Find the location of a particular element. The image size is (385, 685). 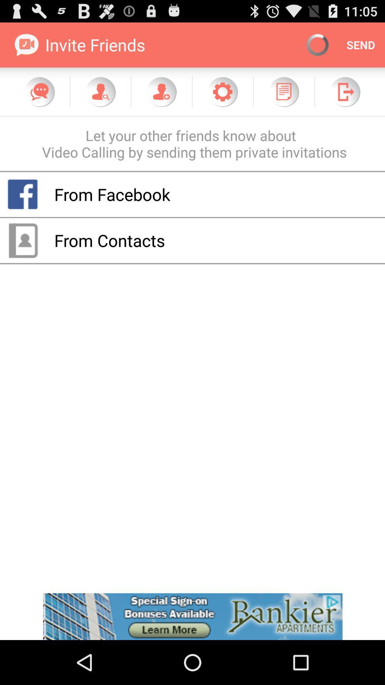

switch messaging option is located at coordinates (40, 91).